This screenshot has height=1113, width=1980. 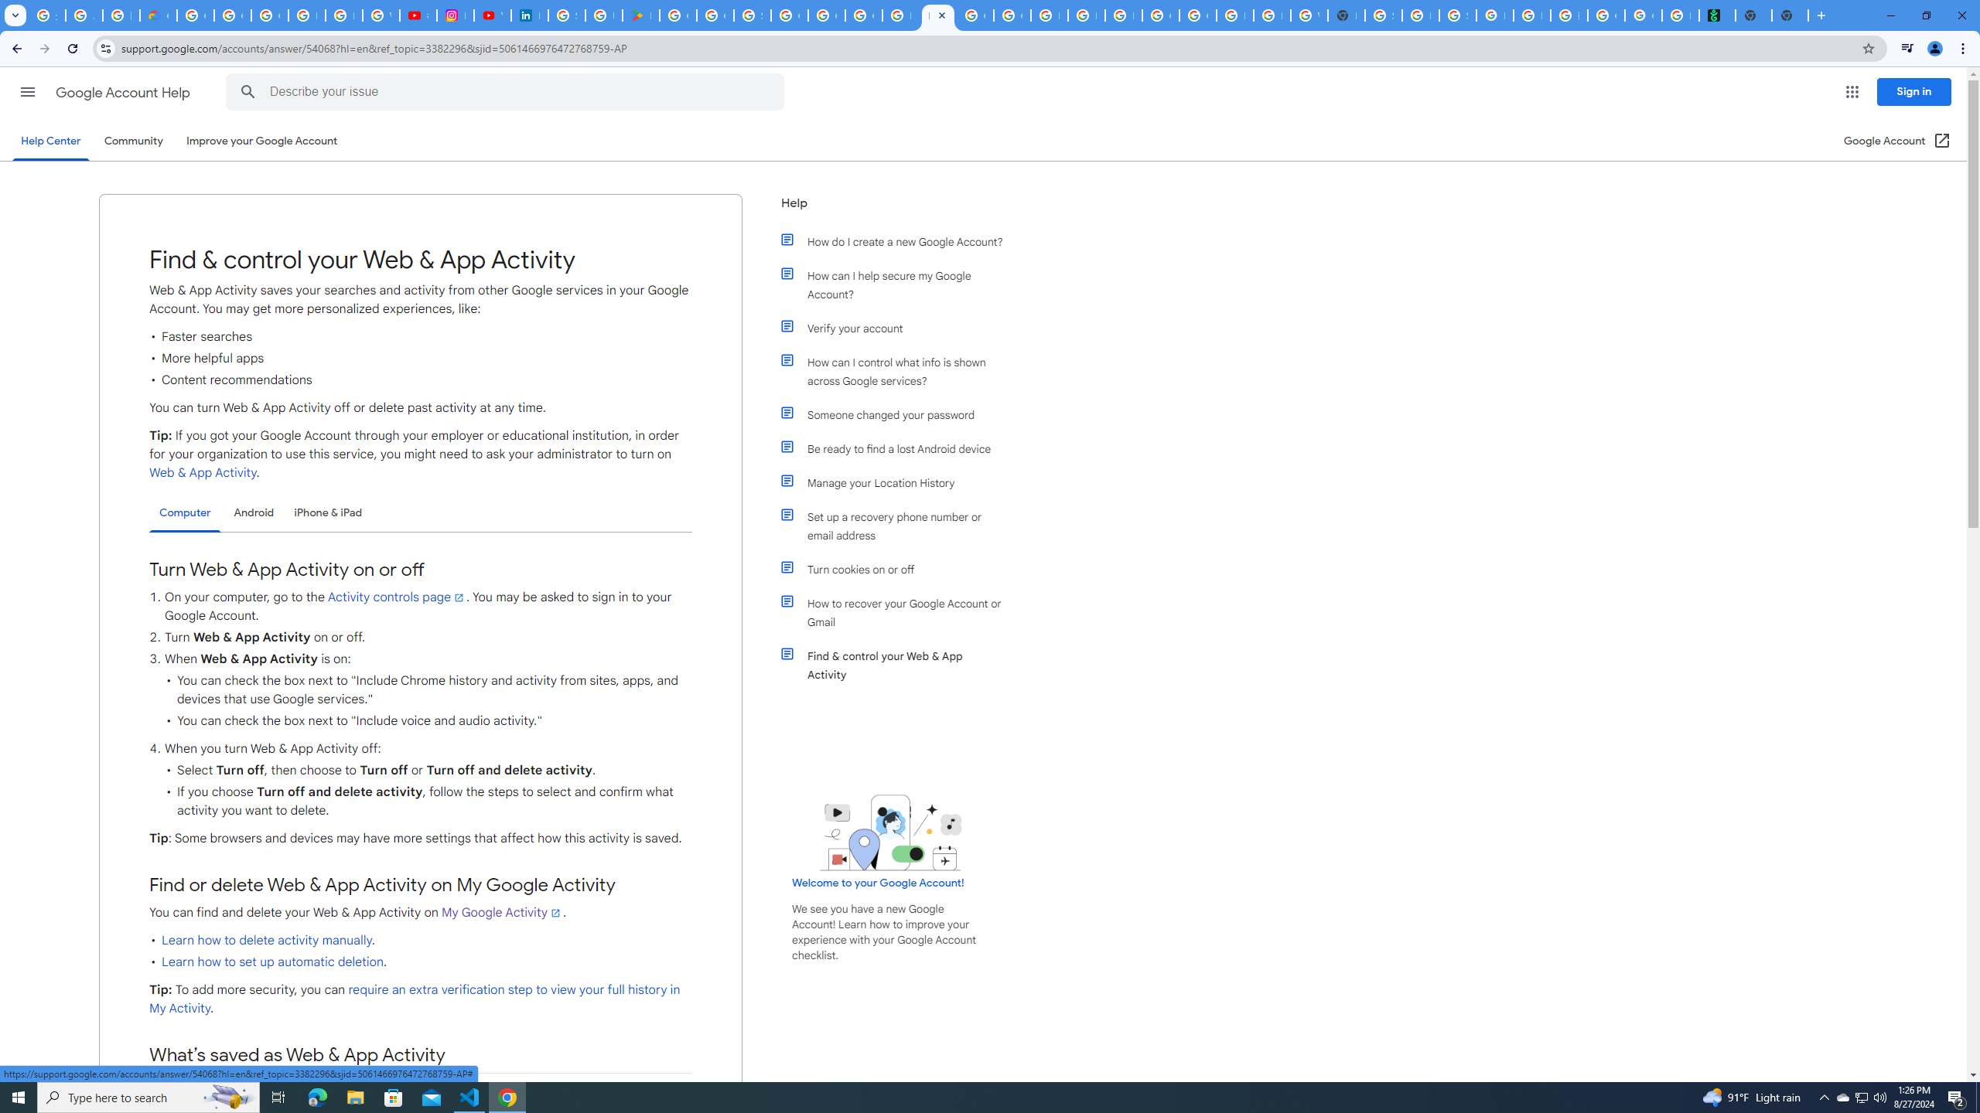 I want to click on 'Search Help Center', so click(x=247, y=91).